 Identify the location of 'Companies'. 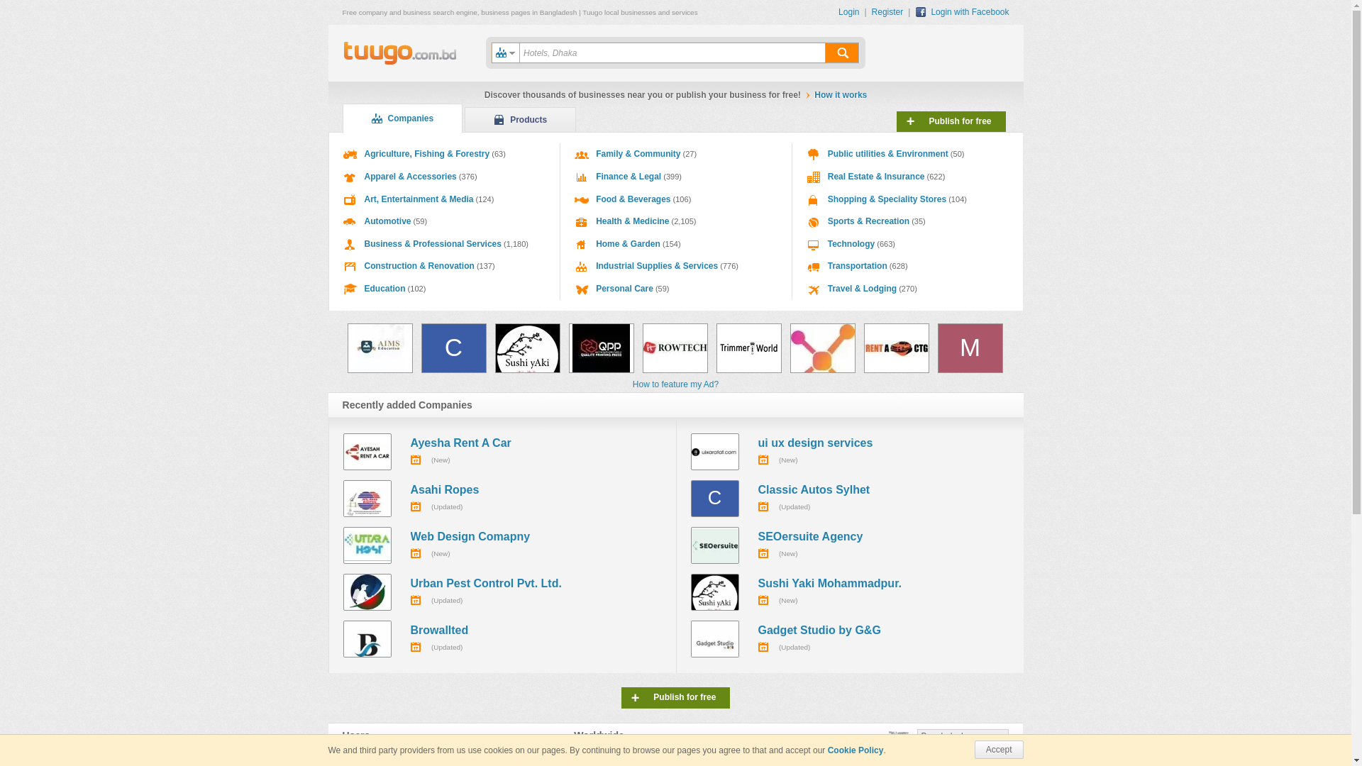
(401, 117).